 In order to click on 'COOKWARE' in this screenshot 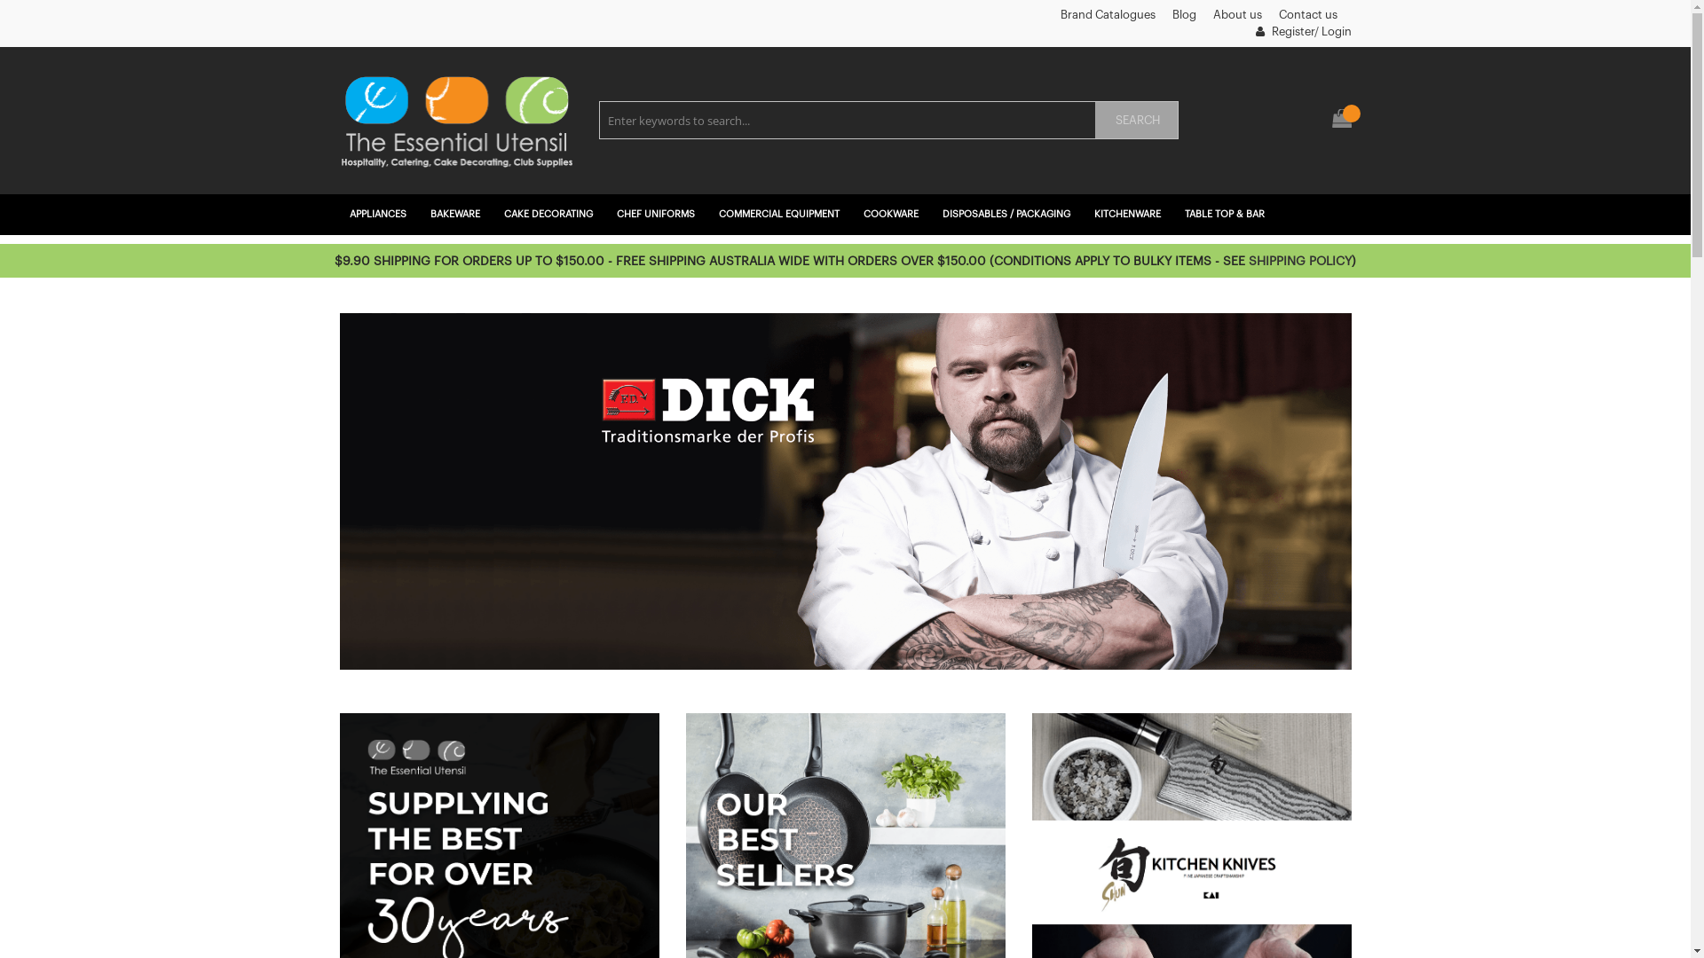, I will do `click(893, 214)`.